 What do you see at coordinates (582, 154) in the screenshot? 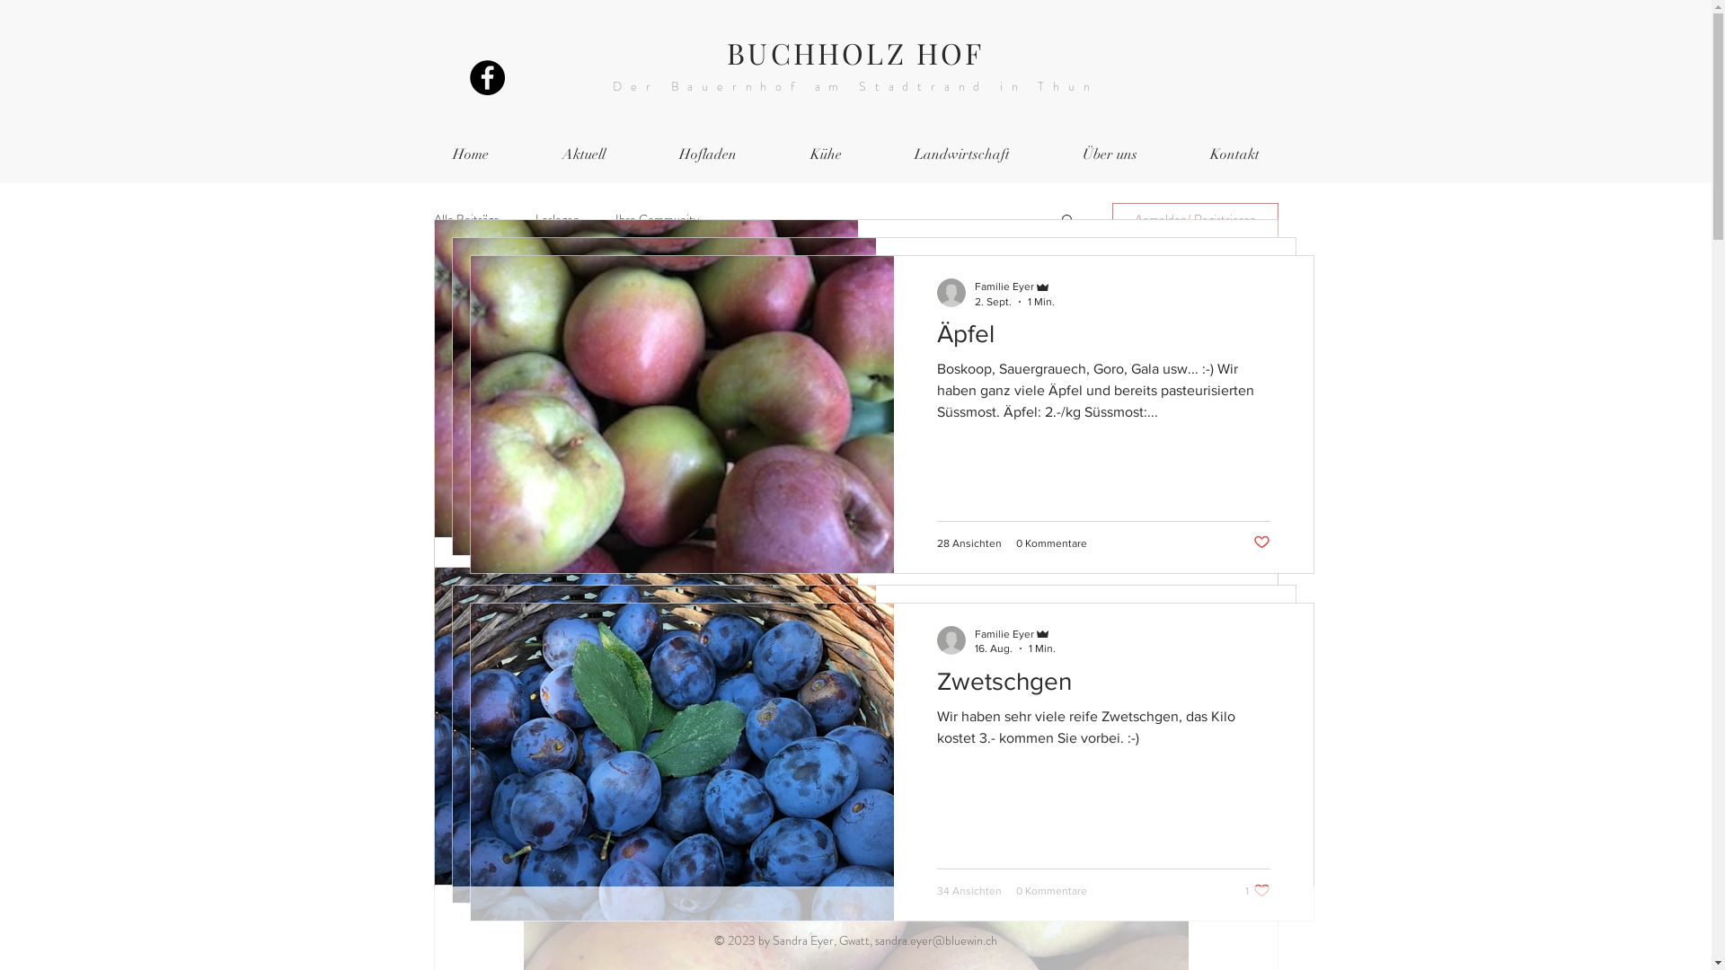
I see `'Aktuell'` at bounding box center [582, 154].